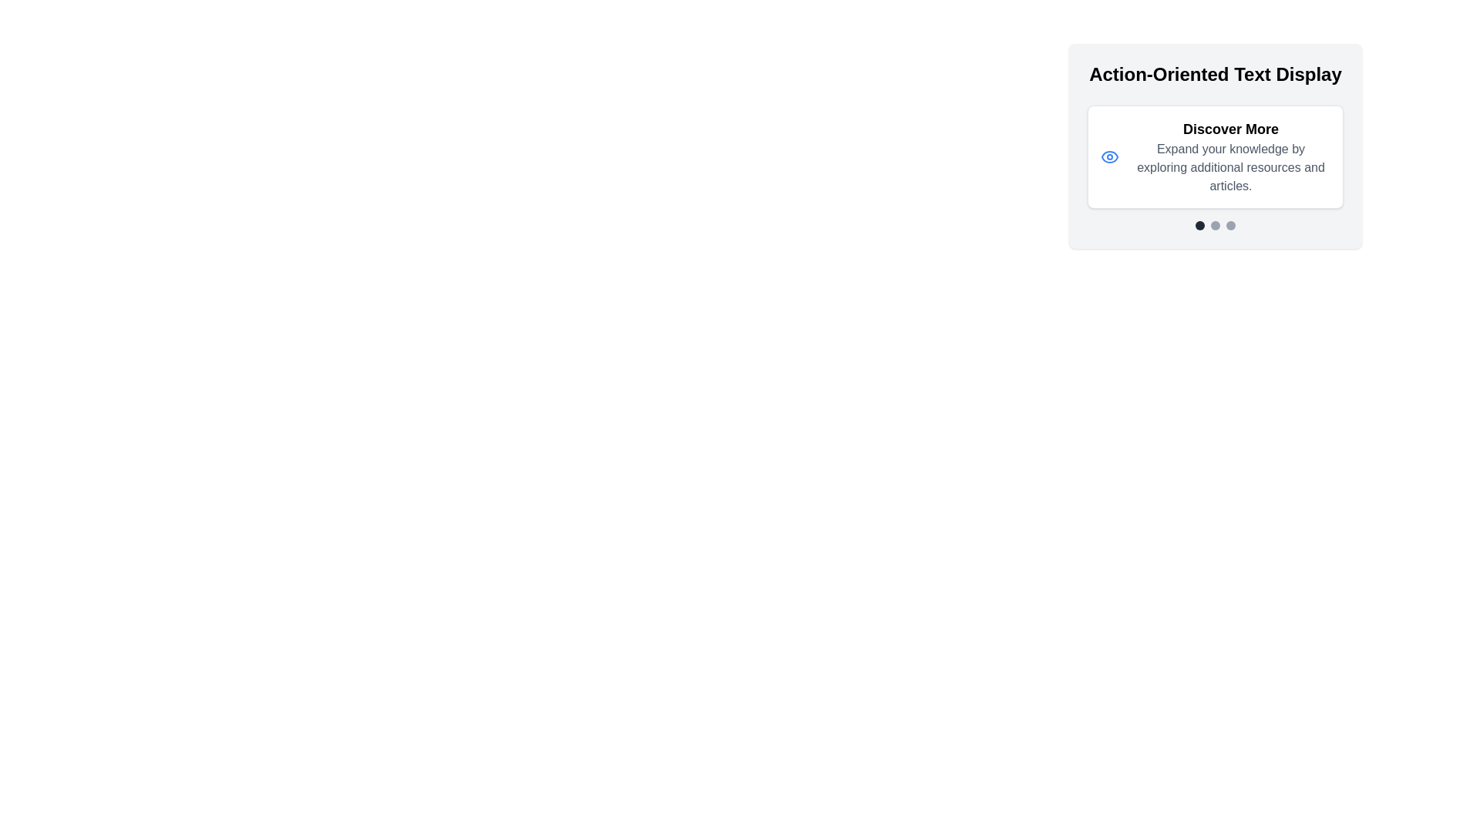  Describe the element at coordinates (1230, 168) in the screenshot. I see `the descriptive text element providing additional information for the 'Discover More' heading, located directly below it, for accessibility purposes` at that location.